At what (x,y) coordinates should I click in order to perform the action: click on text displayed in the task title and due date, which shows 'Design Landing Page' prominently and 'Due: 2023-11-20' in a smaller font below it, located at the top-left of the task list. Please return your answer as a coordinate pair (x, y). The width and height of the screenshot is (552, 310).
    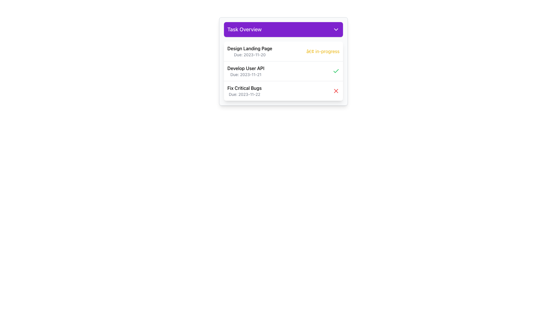
    Looking at the image, I should click on (250, 51).